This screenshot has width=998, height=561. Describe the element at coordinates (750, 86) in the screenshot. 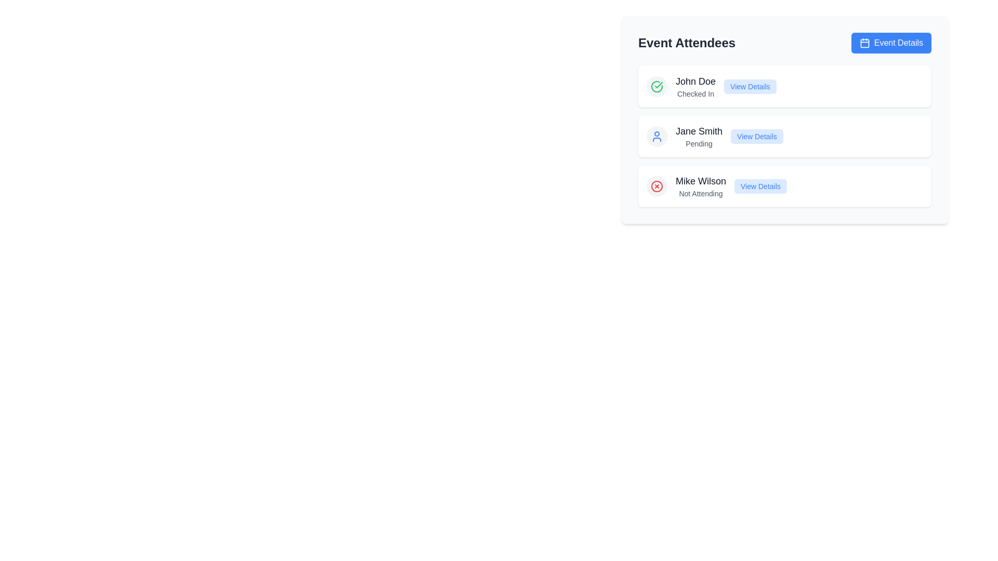

I see `the button` at that location.